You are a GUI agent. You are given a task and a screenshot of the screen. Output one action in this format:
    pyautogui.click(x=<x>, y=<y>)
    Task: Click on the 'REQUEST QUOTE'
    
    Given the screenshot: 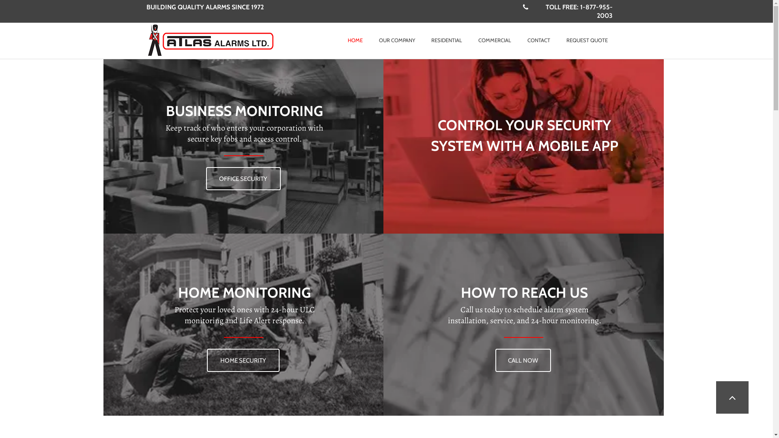 What is the action you would take?
    pyautogui.click(x=558, y=40)
    